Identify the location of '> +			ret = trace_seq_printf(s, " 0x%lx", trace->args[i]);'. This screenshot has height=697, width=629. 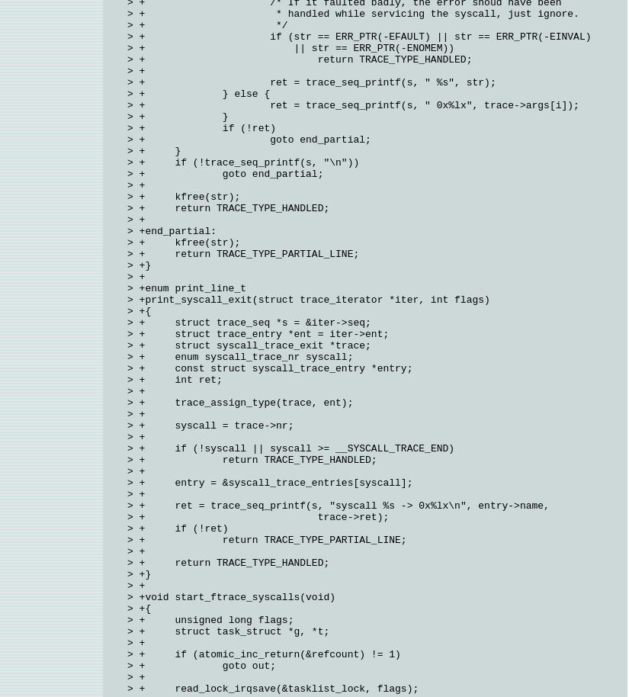
(351, 104).